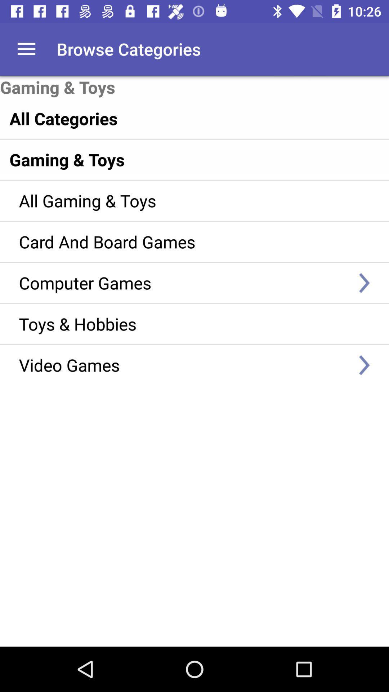 The height and width of the screenshot is (692, 389). What do you see at coordinates (184, 282) in the screenshot?
I see `the computer games` at bounding box center [184, 282].